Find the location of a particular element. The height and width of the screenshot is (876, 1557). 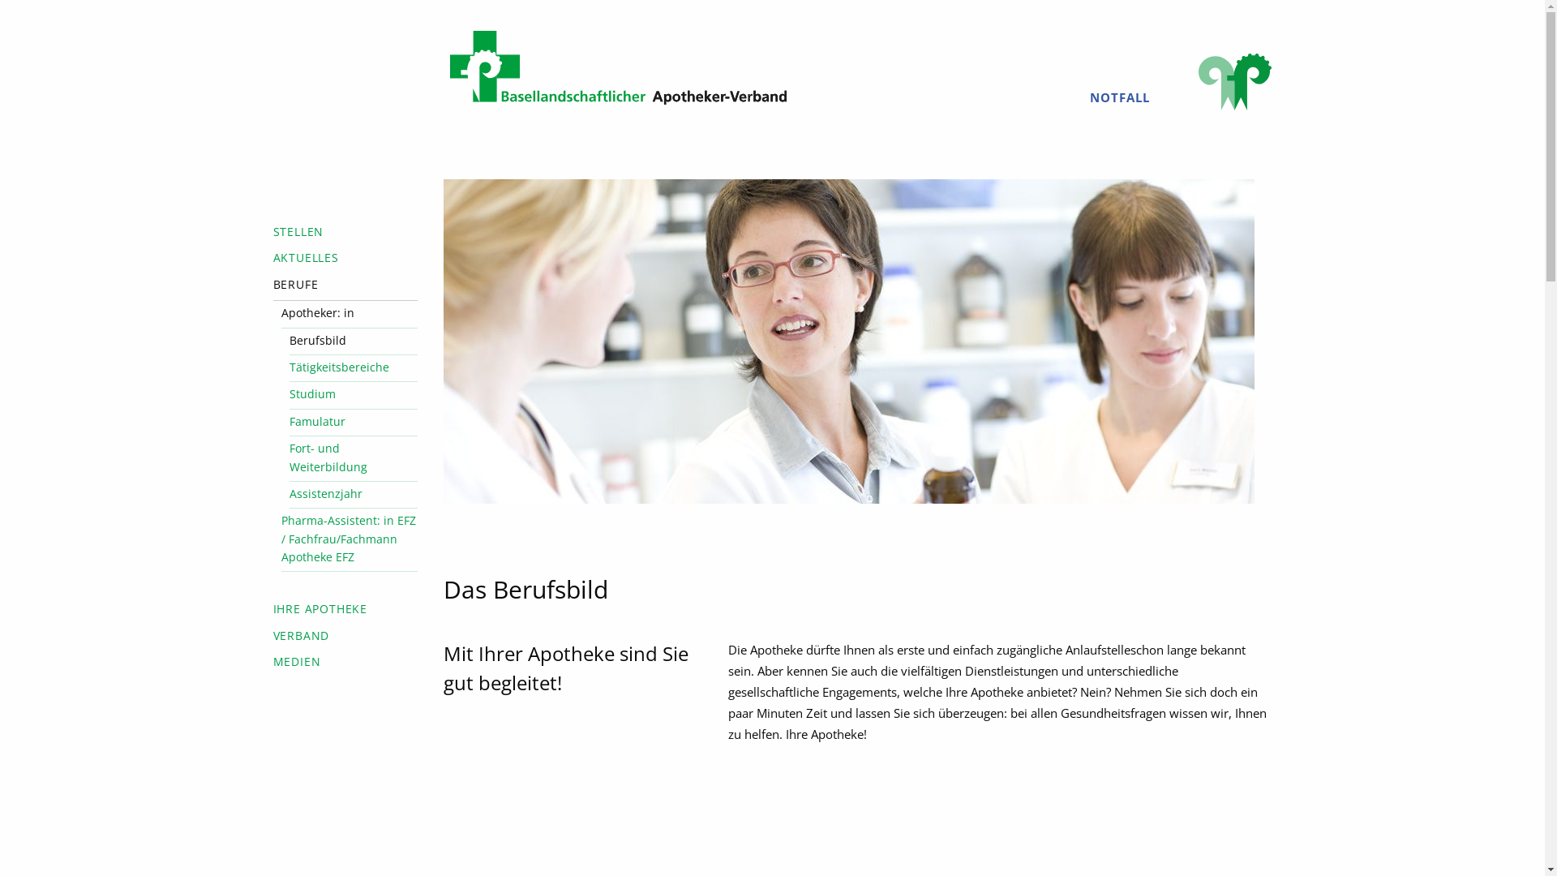

'BERUFE' is located at coordinates (272, 286).